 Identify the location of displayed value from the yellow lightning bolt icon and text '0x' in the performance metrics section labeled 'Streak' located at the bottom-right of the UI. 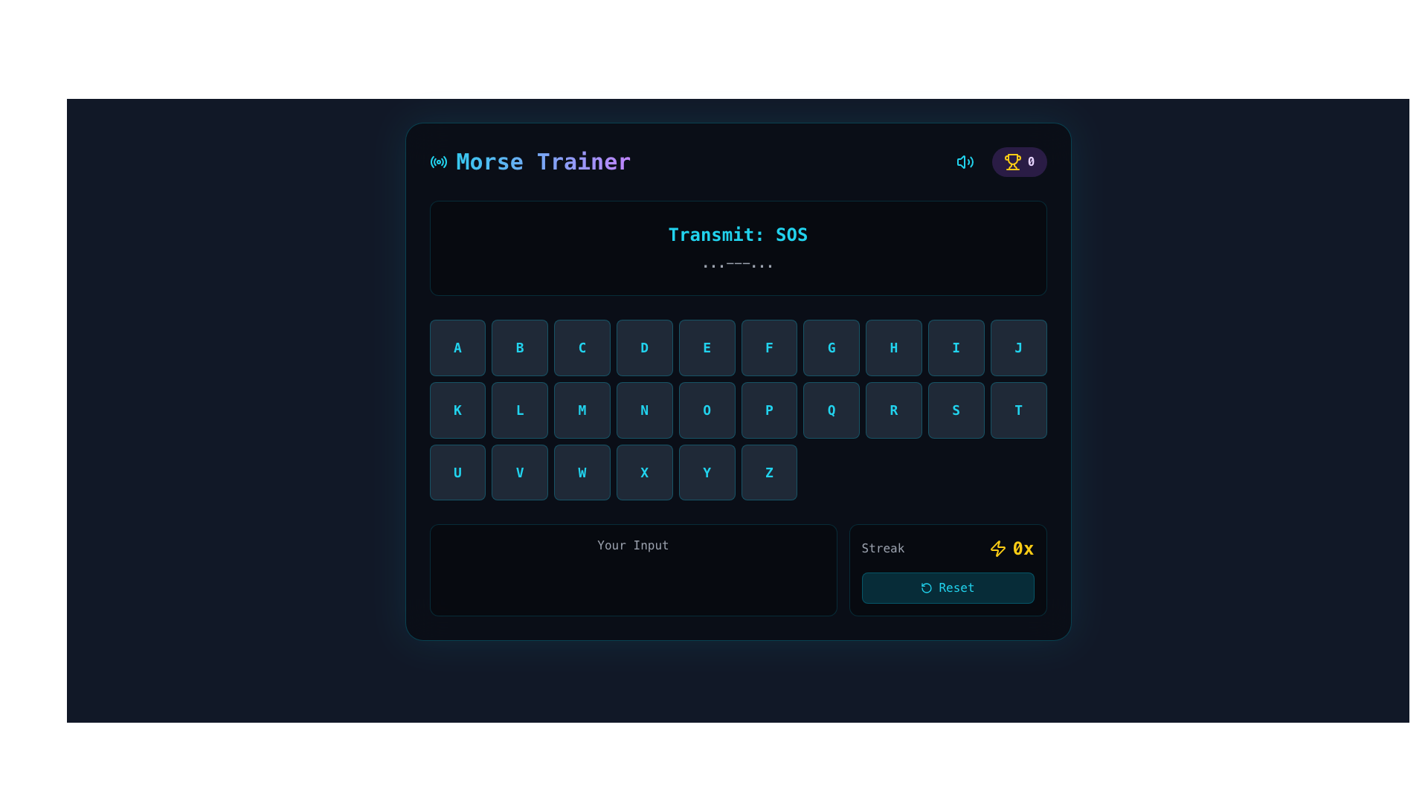
(1011, 549).